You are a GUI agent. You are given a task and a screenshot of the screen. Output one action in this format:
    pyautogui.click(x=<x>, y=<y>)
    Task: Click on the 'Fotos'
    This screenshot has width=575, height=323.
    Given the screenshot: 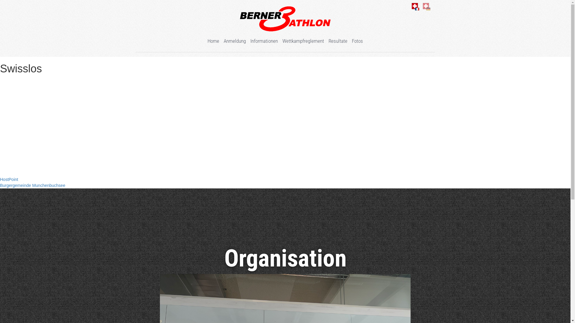 What is the action you would take?
    pyautogui.click(x=357, y=41)
    